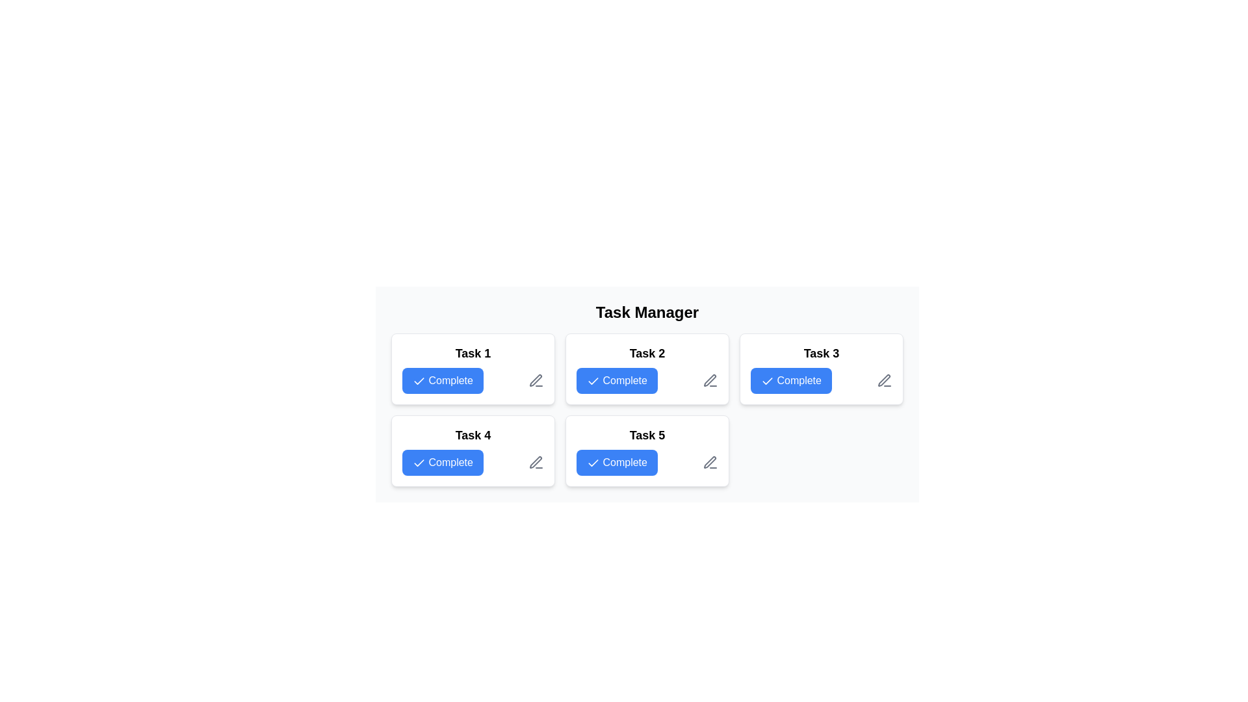  I want to click on the blue button labeled 'Complete' with a white checkmark icon to mark the task as complete, so click(647, 380).